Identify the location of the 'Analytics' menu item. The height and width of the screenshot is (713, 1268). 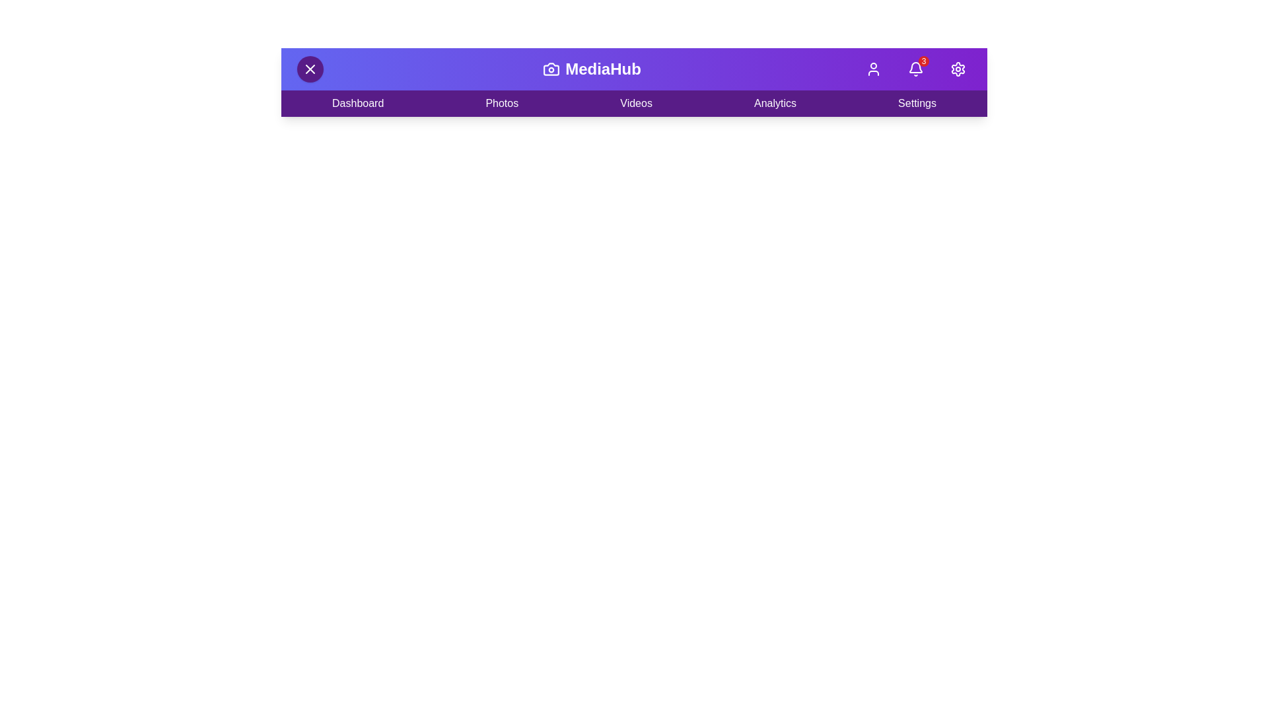
(775, 103).